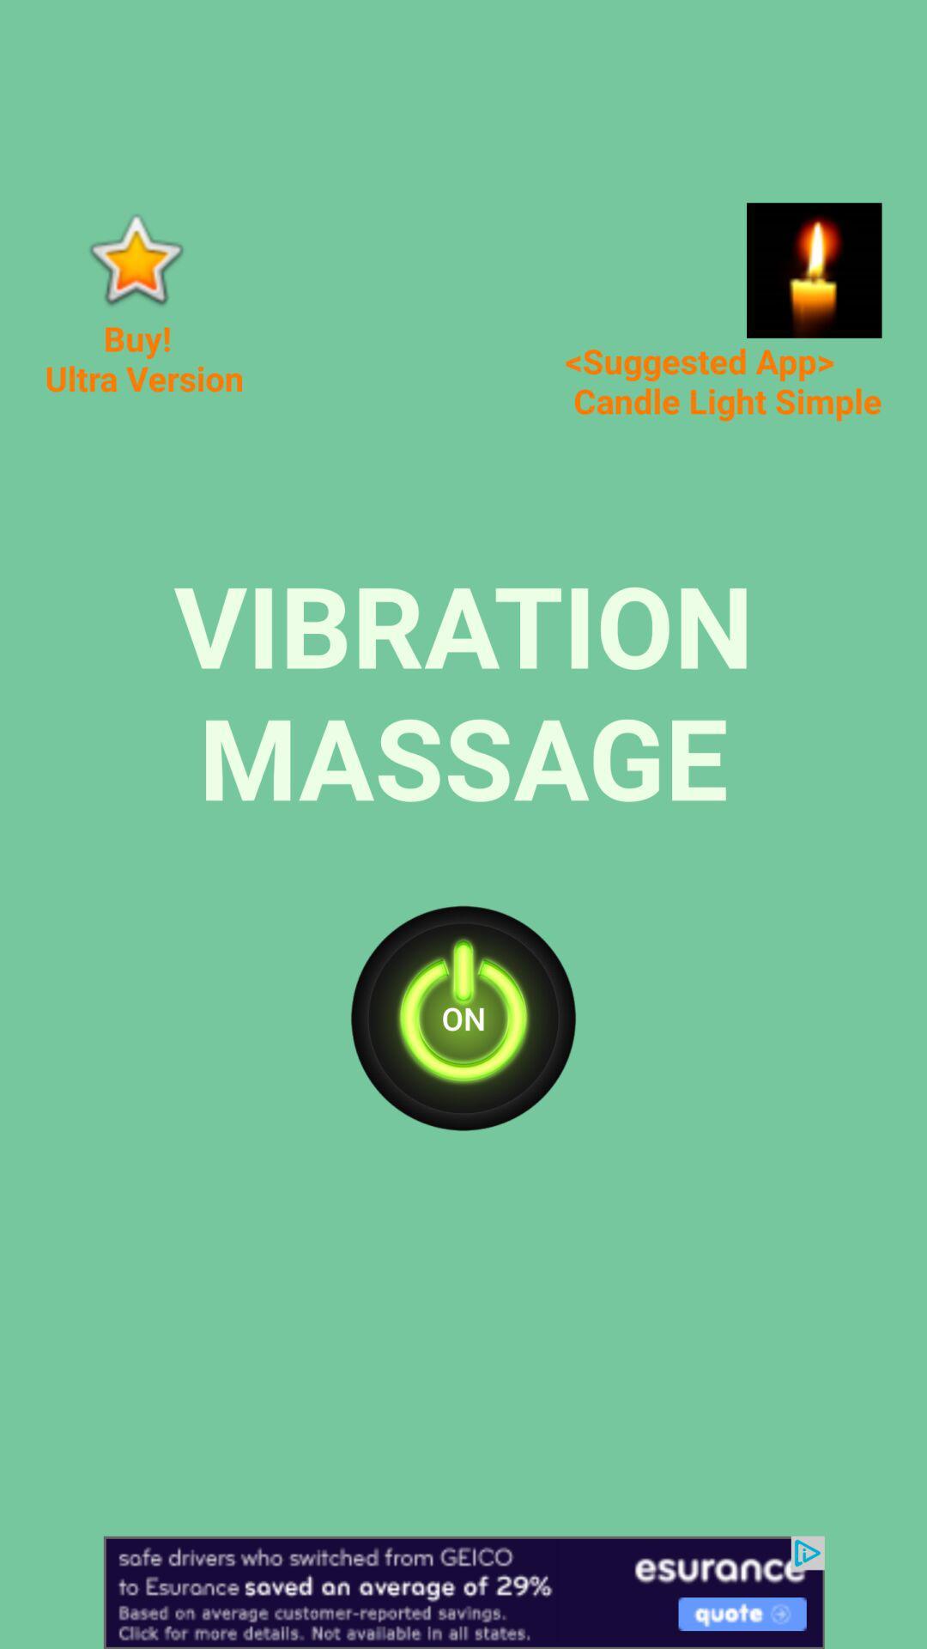  What do you see at coordinates (134, 258) in the screenshot?
I see `in app purchase` at bounding box center [134, 258].